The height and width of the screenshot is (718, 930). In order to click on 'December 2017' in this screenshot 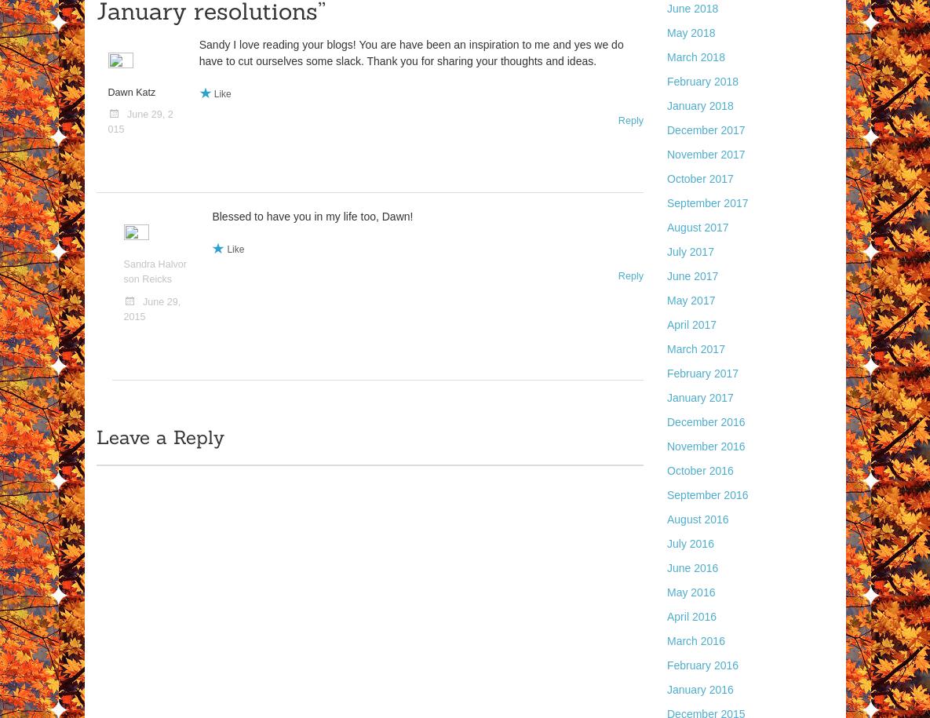, I will do `click(666, 129)`.